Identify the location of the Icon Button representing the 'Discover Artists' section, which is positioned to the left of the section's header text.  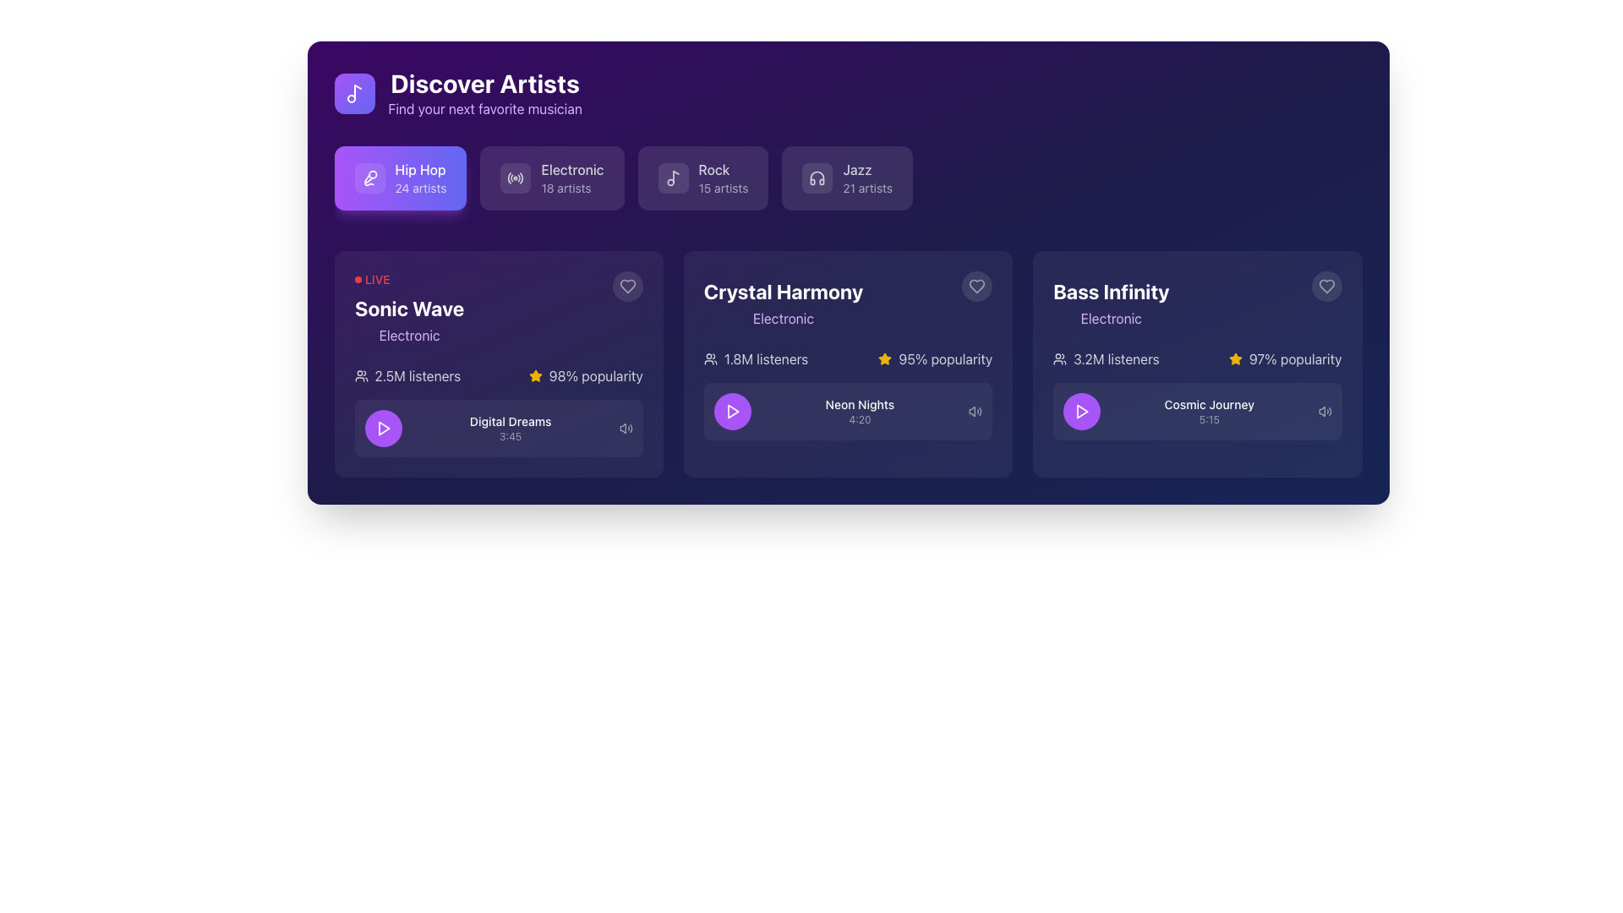
(353, 94).